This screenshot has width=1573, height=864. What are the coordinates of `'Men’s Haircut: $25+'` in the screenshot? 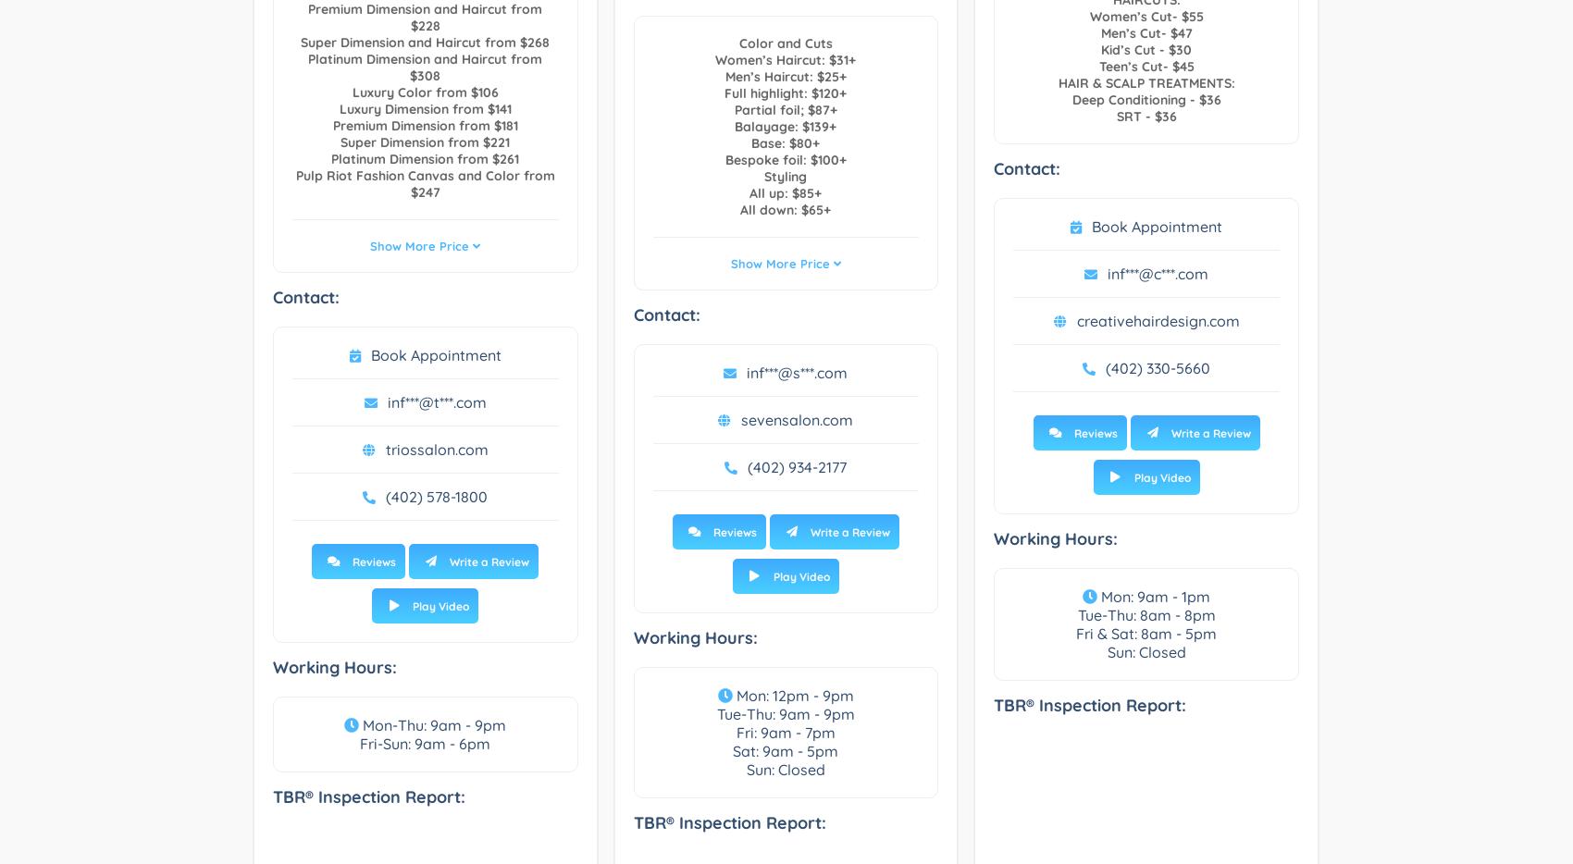 It's located at (784, 77).